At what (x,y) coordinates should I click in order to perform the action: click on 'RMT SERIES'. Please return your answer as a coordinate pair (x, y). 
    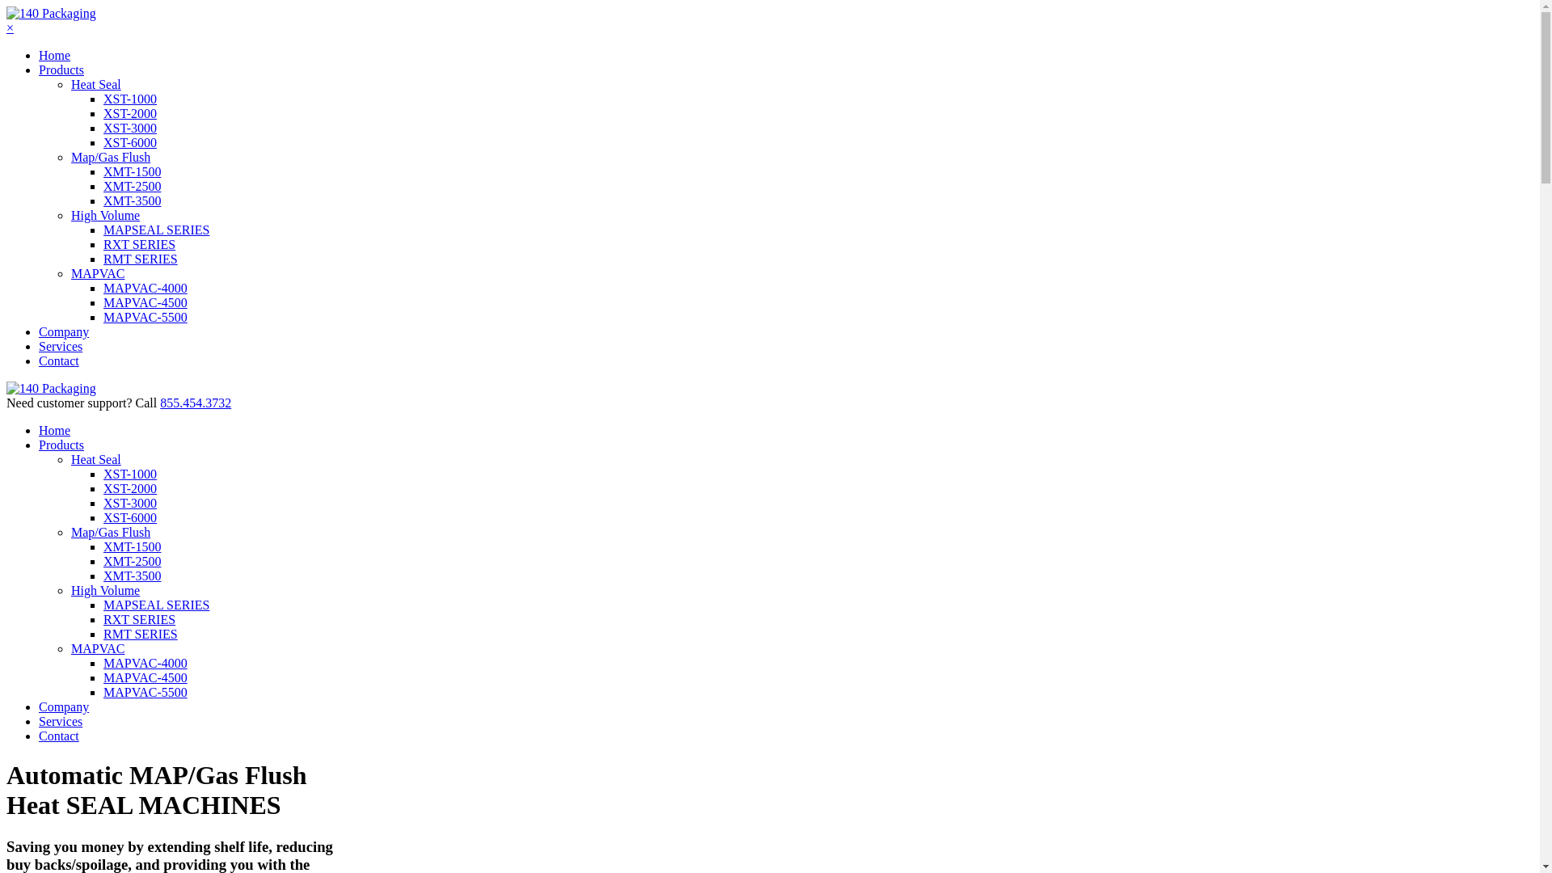
    Looking at the image, I should click on (103, 258).